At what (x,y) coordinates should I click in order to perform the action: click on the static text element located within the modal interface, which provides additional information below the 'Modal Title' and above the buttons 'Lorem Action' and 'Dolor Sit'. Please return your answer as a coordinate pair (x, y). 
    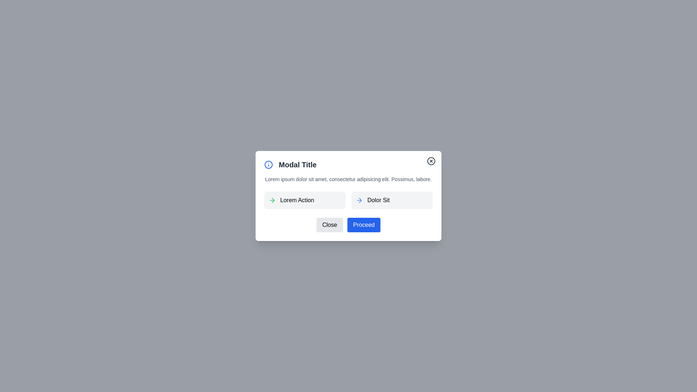
    Looking at the image, I should click on (348, 179).